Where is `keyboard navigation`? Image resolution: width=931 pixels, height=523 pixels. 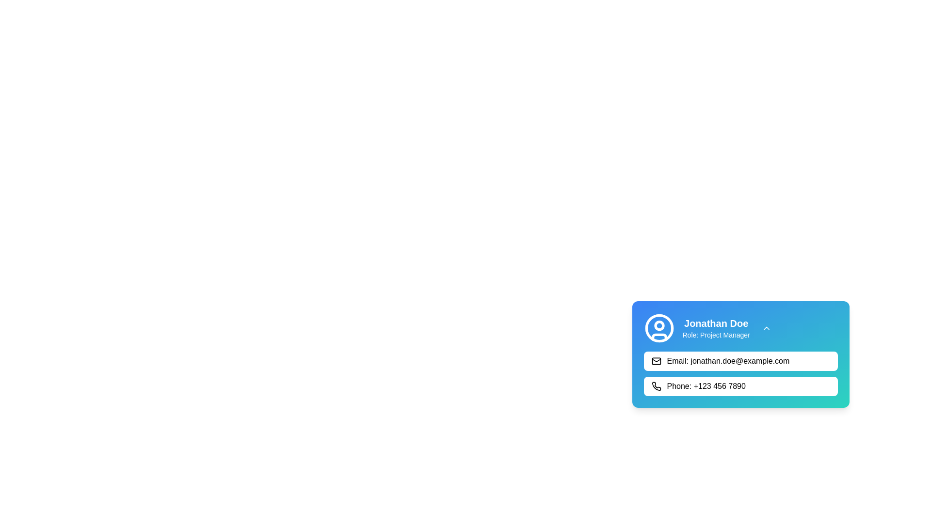
keyboard navigation is located at coordinates (766, 328).